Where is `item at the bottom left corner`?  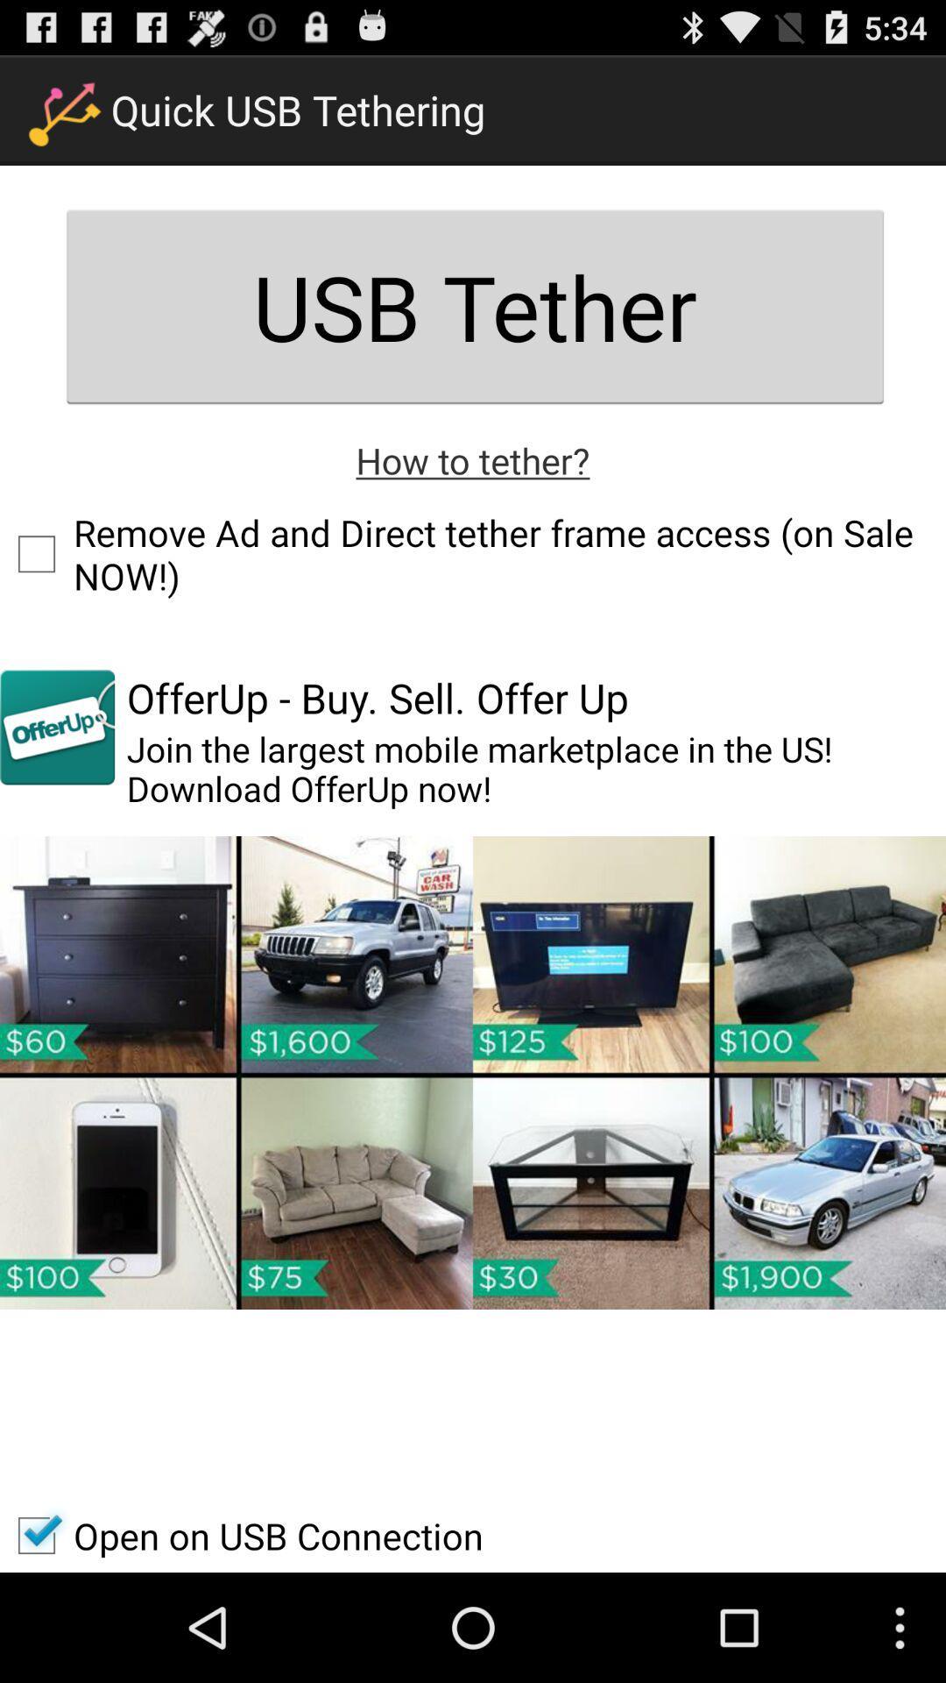 item at the bottom left corner is located at coordinates (242, 1535).